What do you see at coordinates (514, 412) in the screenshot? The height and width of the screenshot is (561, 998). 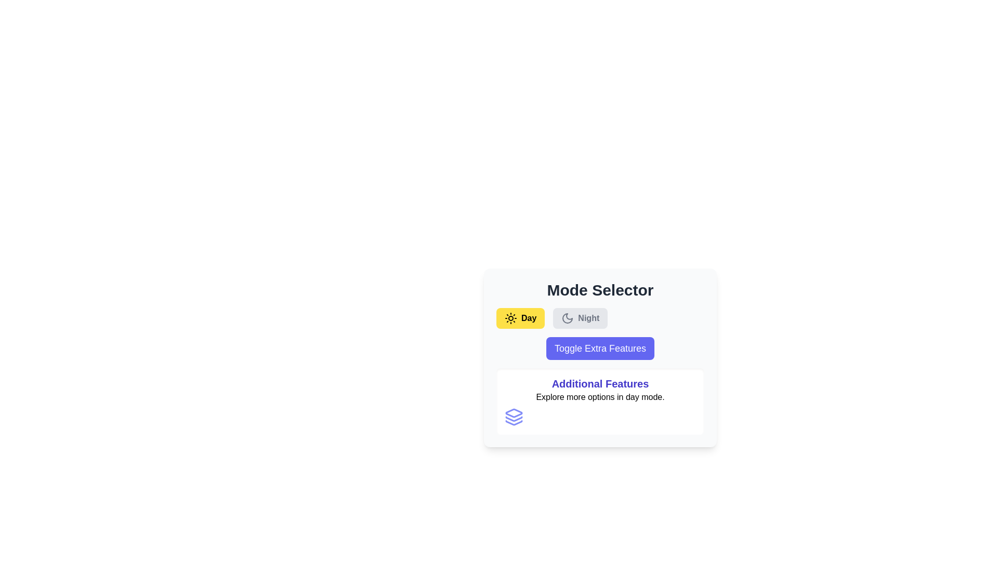 I see `the topmost diamond-shaped icon in an indigo color, which is part of a group of three similar graphical components located at the bottom of the 'Additional Features' card` at bounding box center [514, 412].